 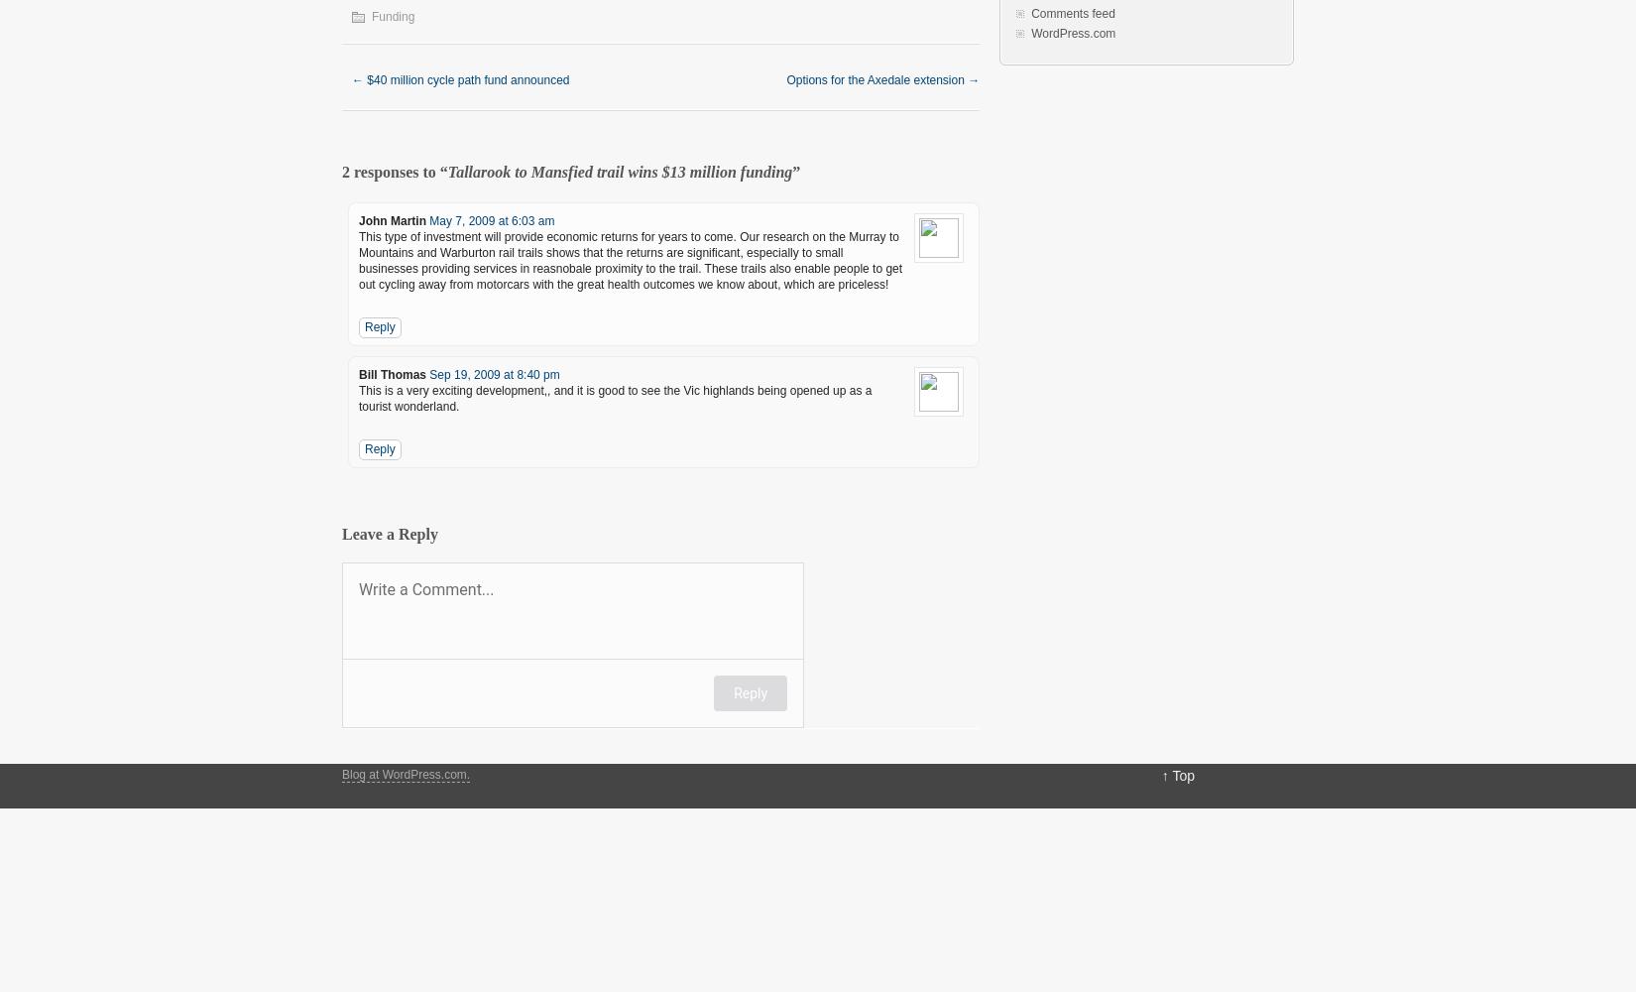 I want to click on 'This is a very exciting  development,, and it is good to see the Vic highlands being opened up as a tourist wonderland.', so click(x=614, y=399).